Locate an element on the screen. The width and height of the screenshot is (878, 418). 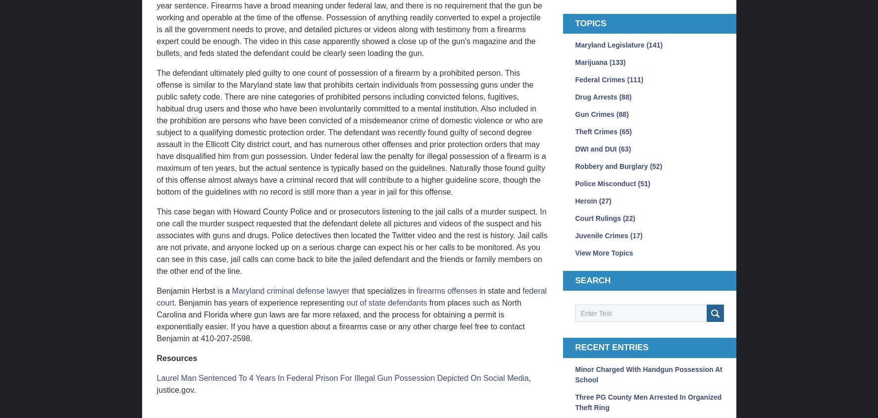
'(133)' is located at coordinates (617, 61).